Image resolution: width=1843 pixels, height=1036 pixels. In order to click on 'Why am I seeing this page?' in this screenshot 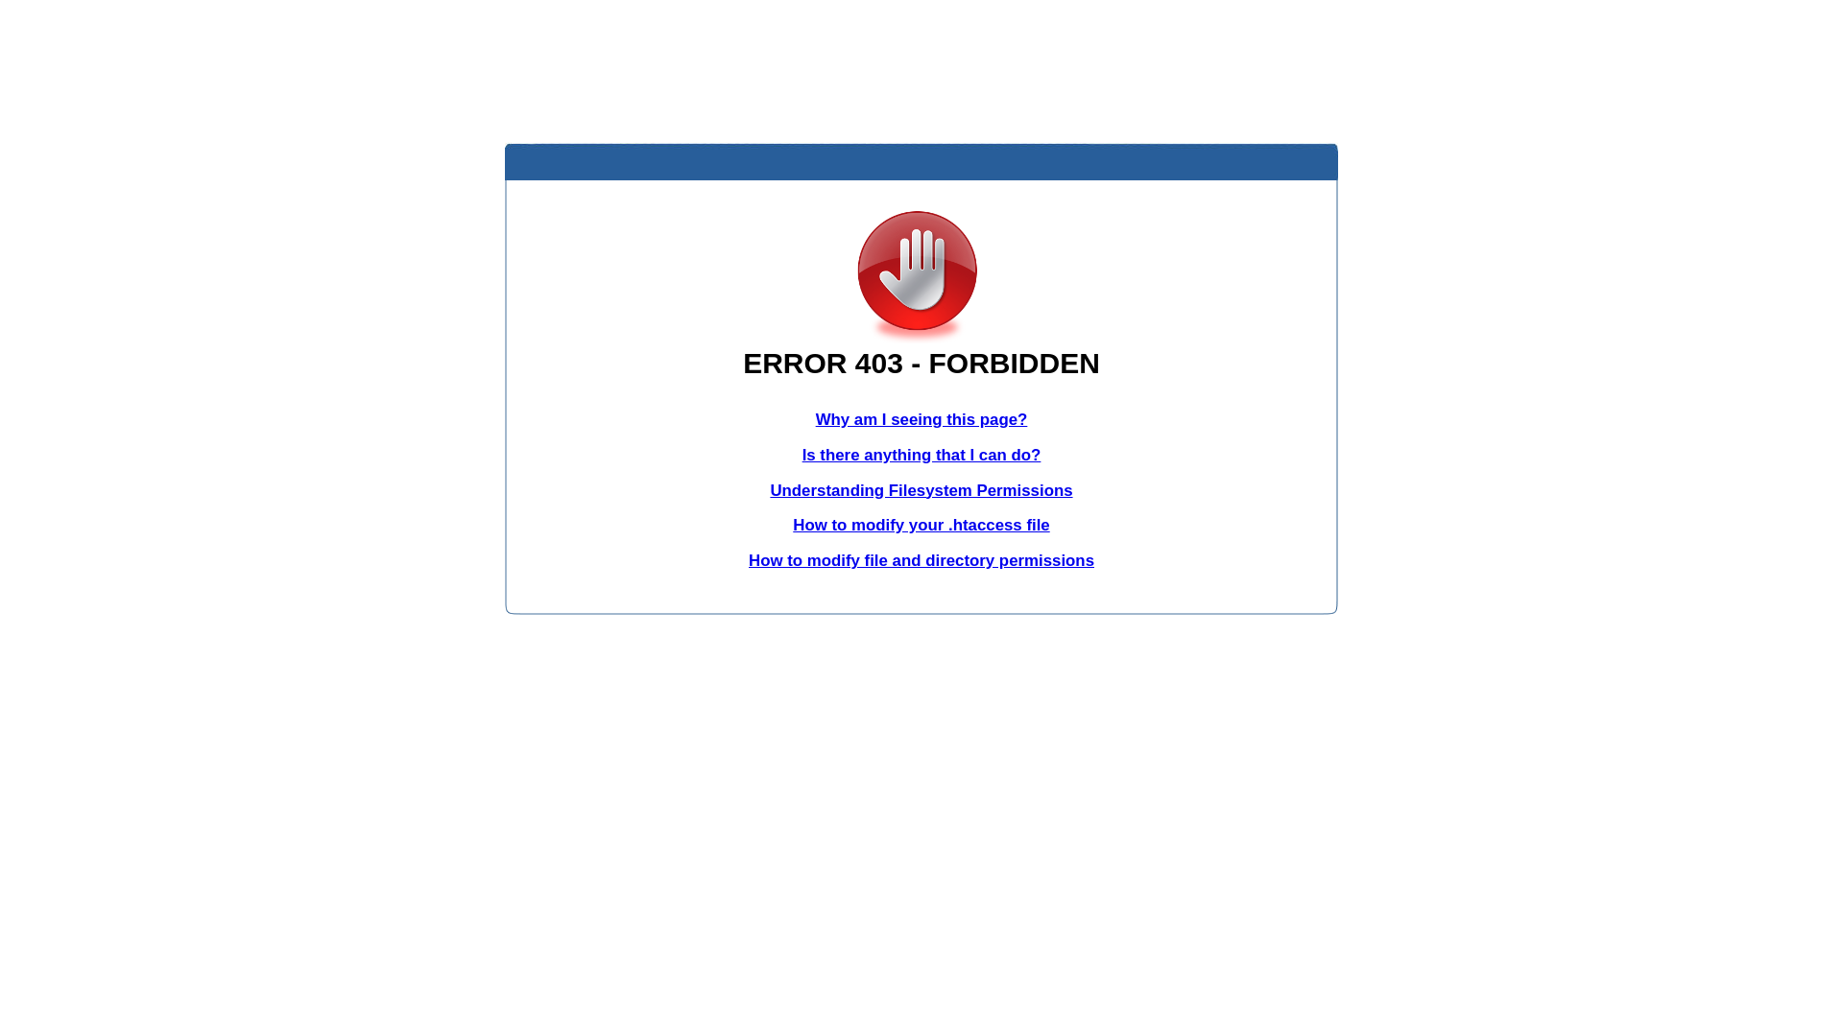, I will do `click(921, 418)`.